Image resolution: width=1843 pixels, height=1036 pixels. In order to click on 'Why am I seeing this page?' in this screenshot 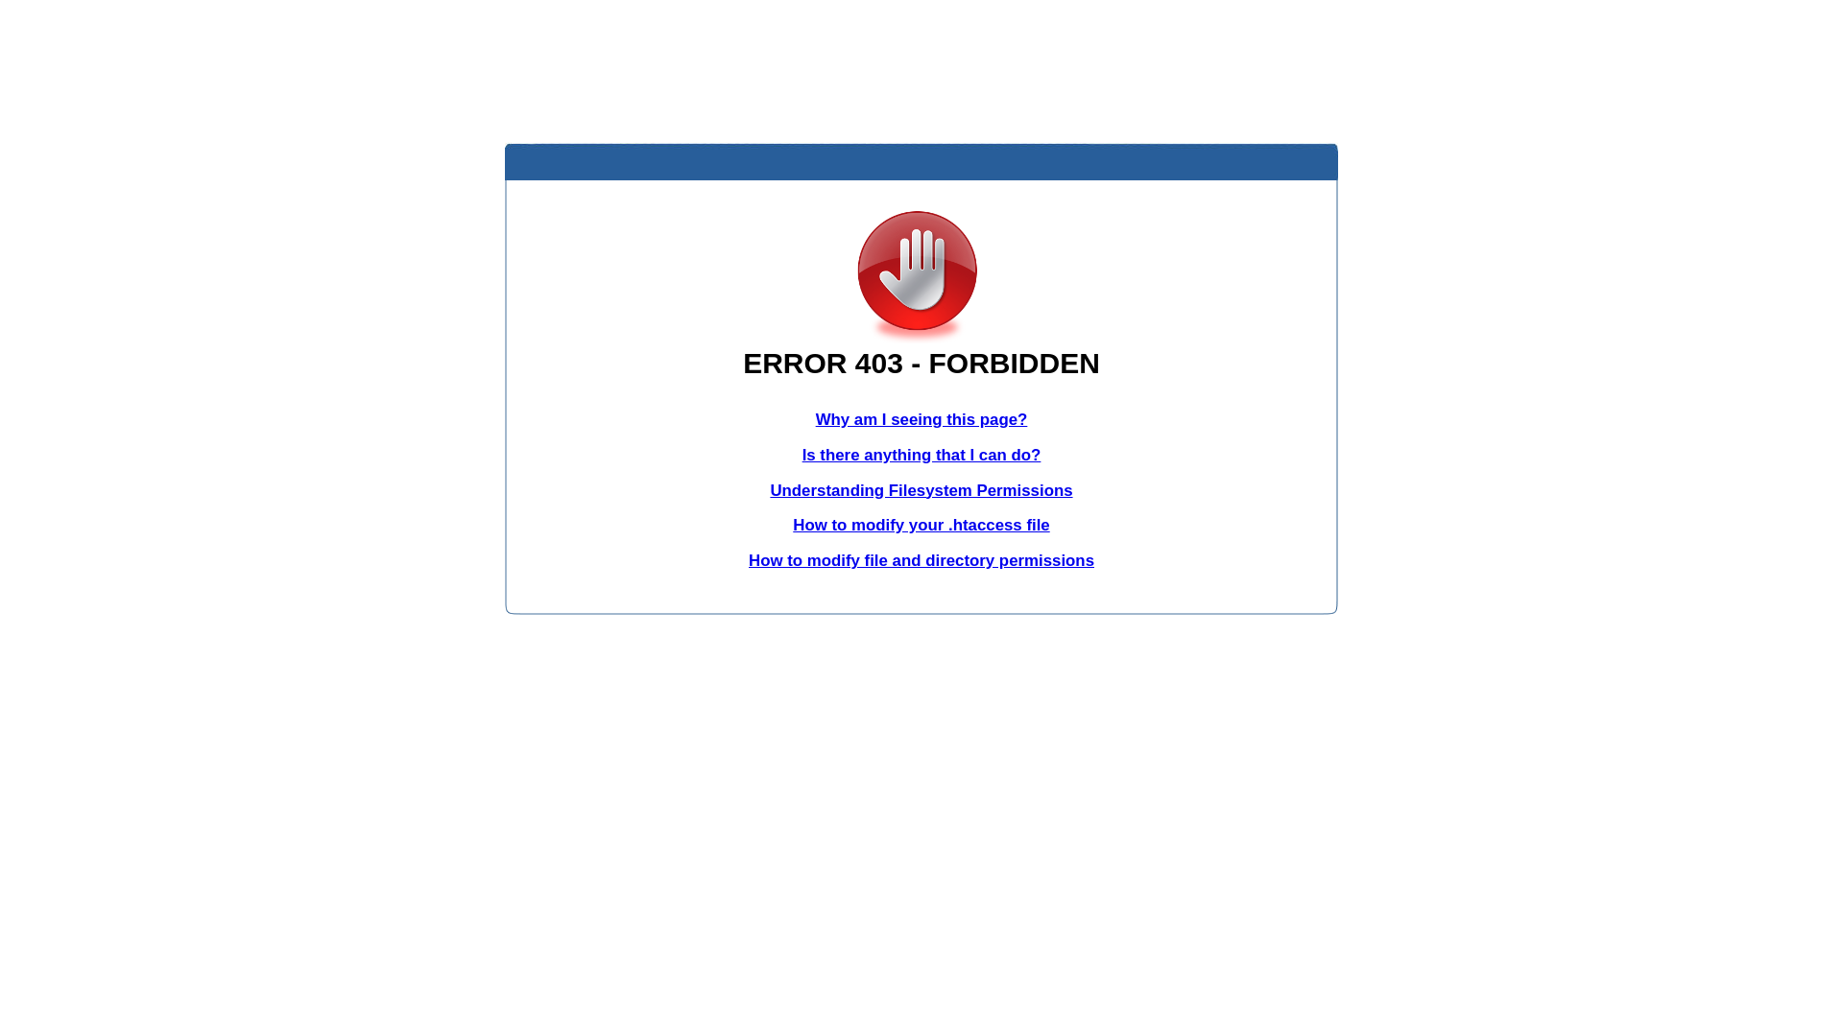, I will do `click(921, 418)`.